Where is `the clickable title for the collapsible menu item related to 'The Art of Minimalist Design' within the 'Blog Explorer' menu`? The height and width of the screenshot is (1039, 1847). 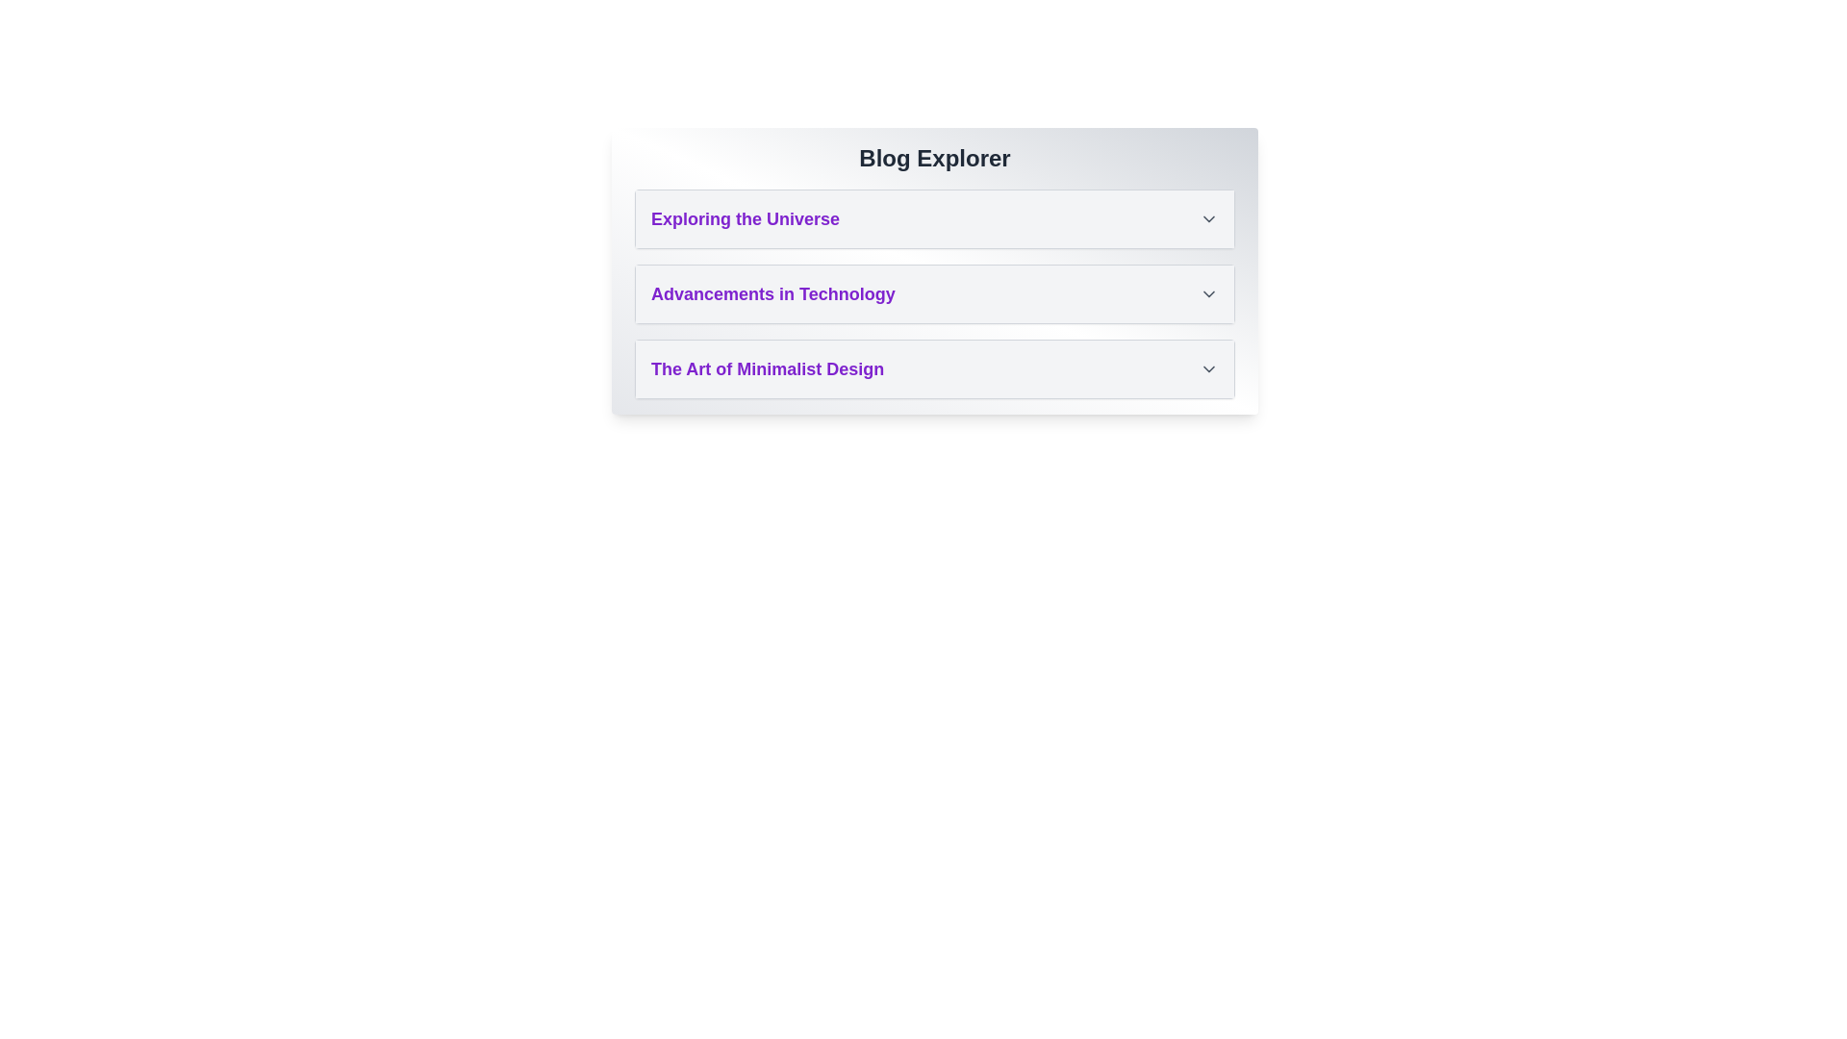 the clickable title for the collapsible menu item related to 'The Art of Minimalist Design' within the 'Blog Explorer' menu is located at coordinates (767, 369).